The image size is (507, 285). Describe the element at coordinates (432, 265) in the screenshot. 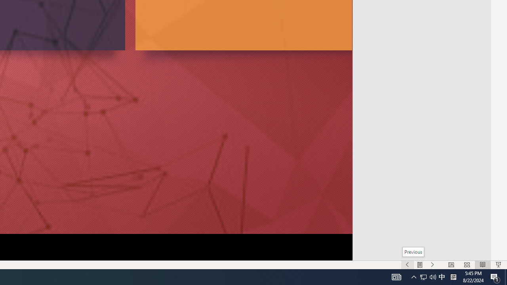

I see `'Slide Show Next On'` at that location.